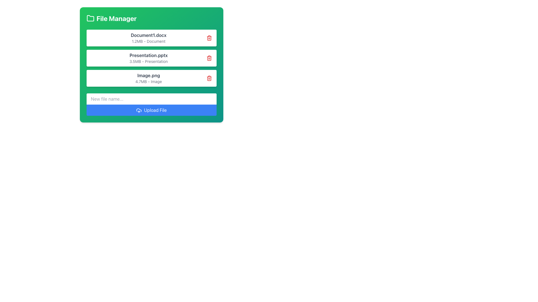  Describe the element at coordinates (139, 110) in the screenshot. I see `the SVG icon representing the upload action, located on the left side of the 'Upload File' text label` at that location.